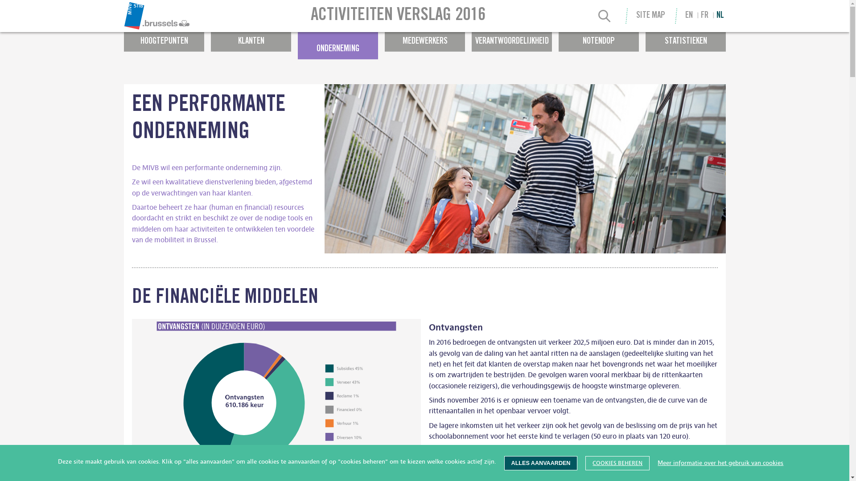 The width and height of the screenshot is (856, 481). Describe the element at coordinates (720, 16) in the screenshot. I see `'NL'` at that location.